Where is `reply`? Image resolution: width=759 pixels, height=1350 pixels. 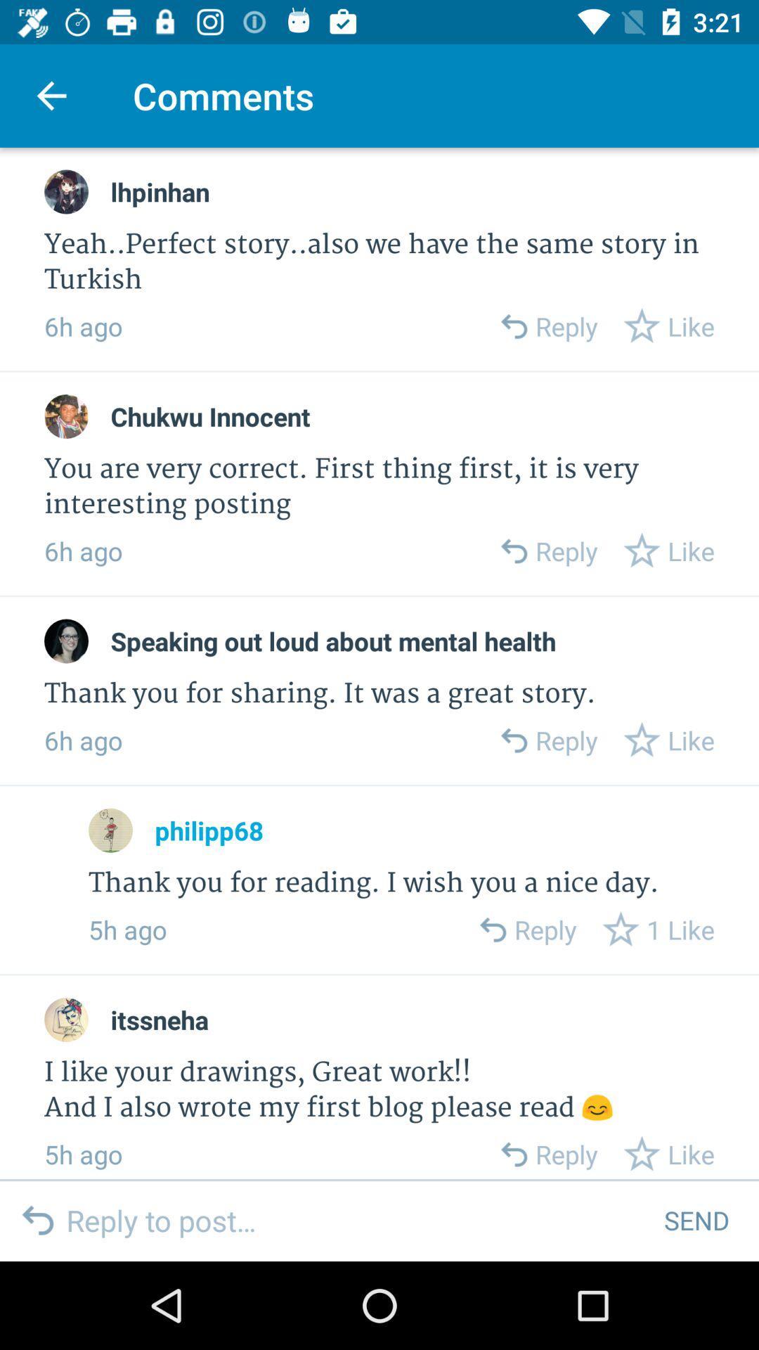 reply is located at coordinates (513, 1154).